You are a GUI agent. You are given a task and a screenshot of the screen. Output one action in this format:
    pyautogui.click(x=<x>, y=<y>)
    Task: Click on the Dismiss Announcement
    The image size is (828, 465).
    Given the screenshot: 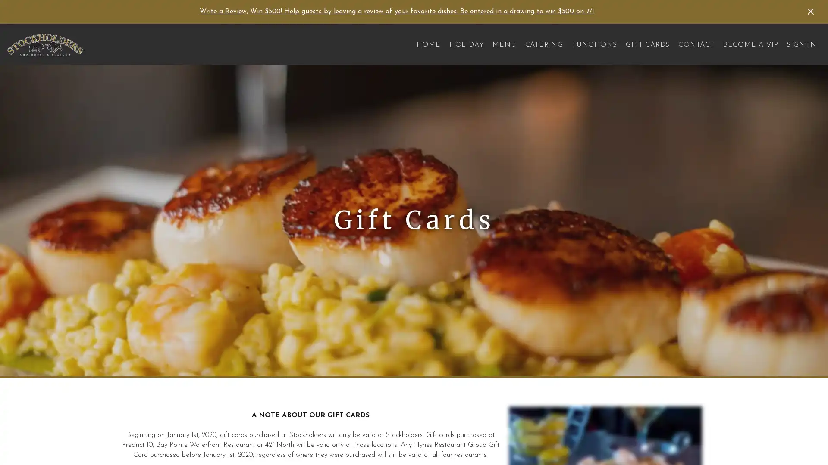 What is the action you would take?
    pyautogui.click(x=810, y=12)
    